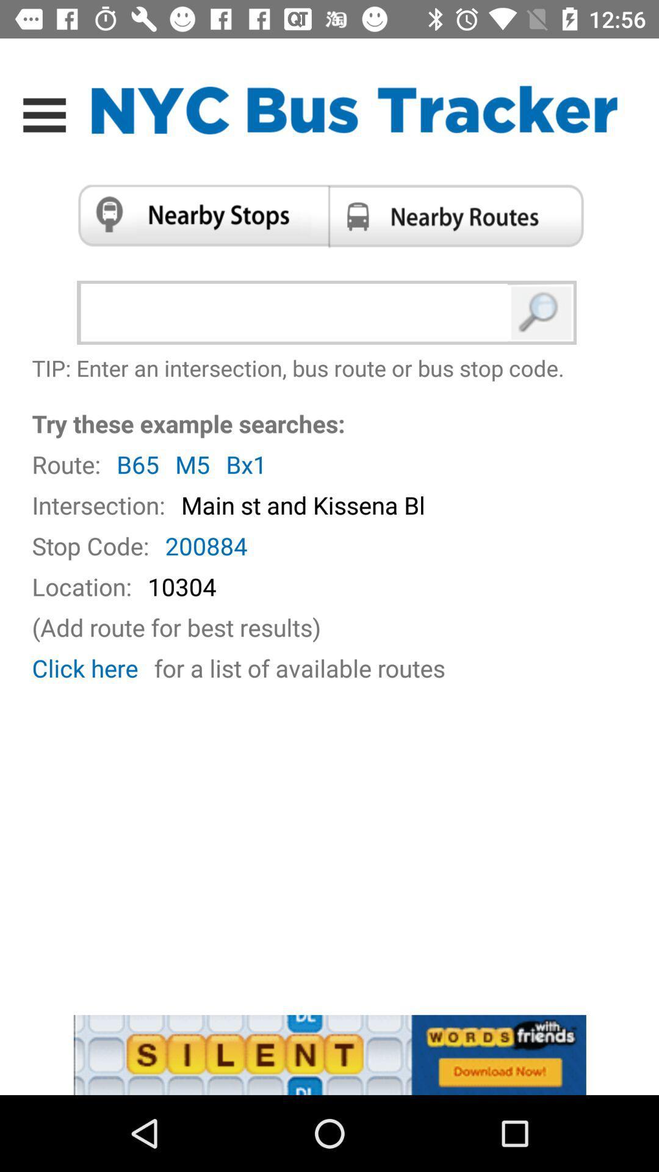 This screenshot has width=659, height=1172. Describe the element at coordinates (460, 215) in the screenshot. I see `nearby routes` at that location.